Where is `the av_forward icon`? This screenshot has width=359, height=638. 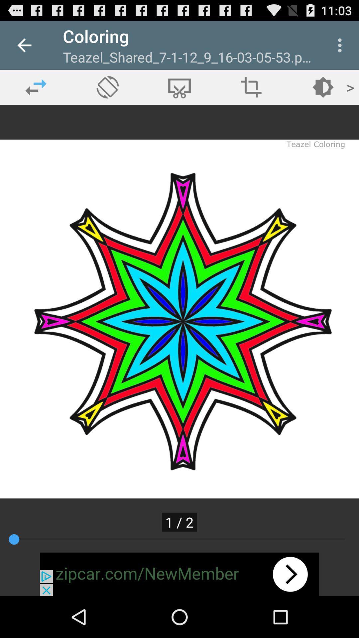 the av_forward icon is located at coordinates (323, 87).